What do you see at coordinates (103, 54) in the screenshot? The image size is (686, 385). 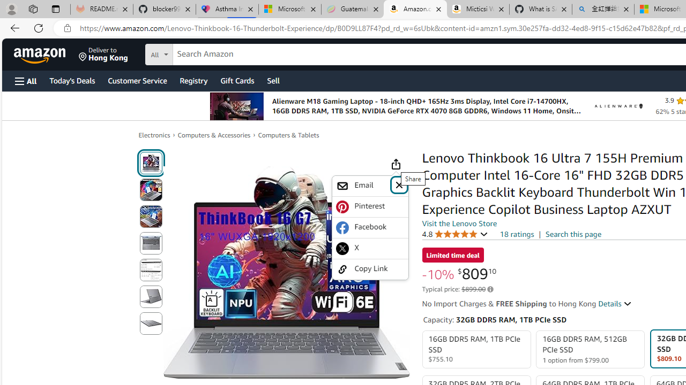 I see `'Deliver to Hong Kong'` at bounding box center [103, 54].